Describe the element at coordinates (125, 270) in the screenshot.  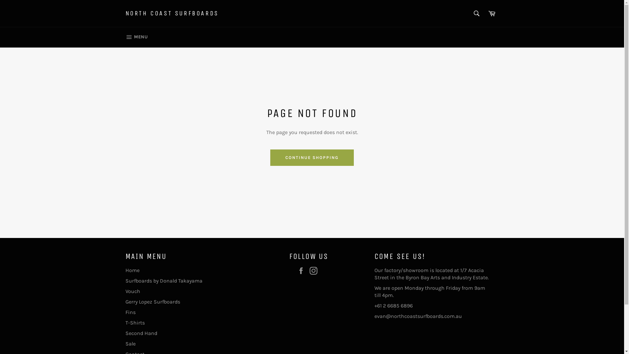
I see `'Home'` at that location.